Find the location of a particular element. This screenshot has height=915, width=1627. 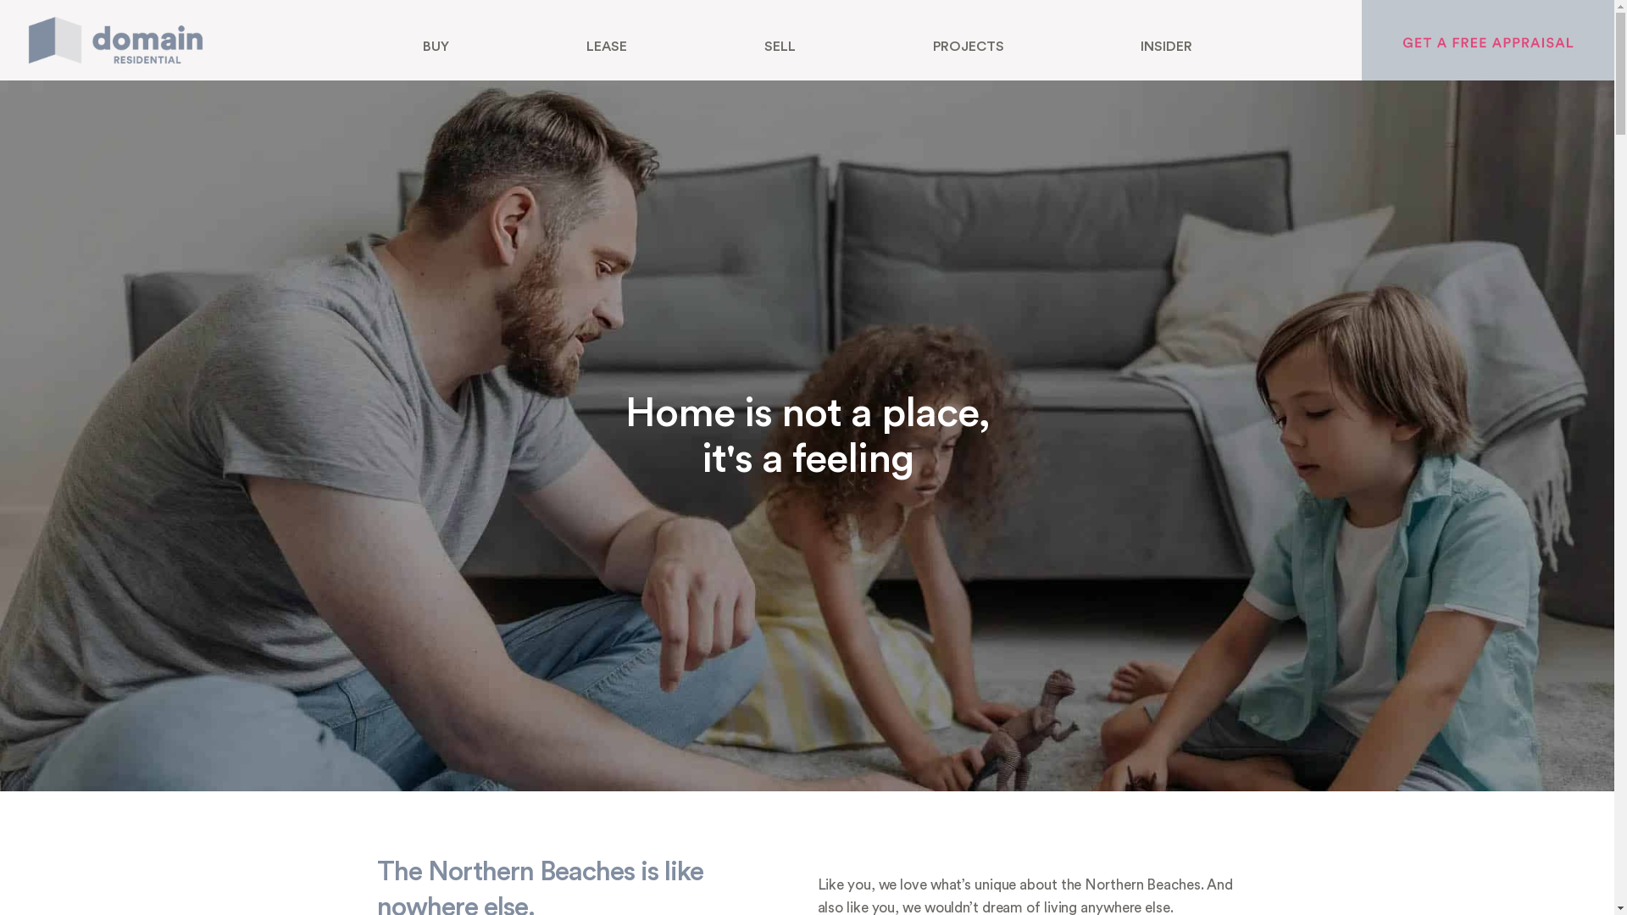

'LEASE' is located at coordinates (606, 45).